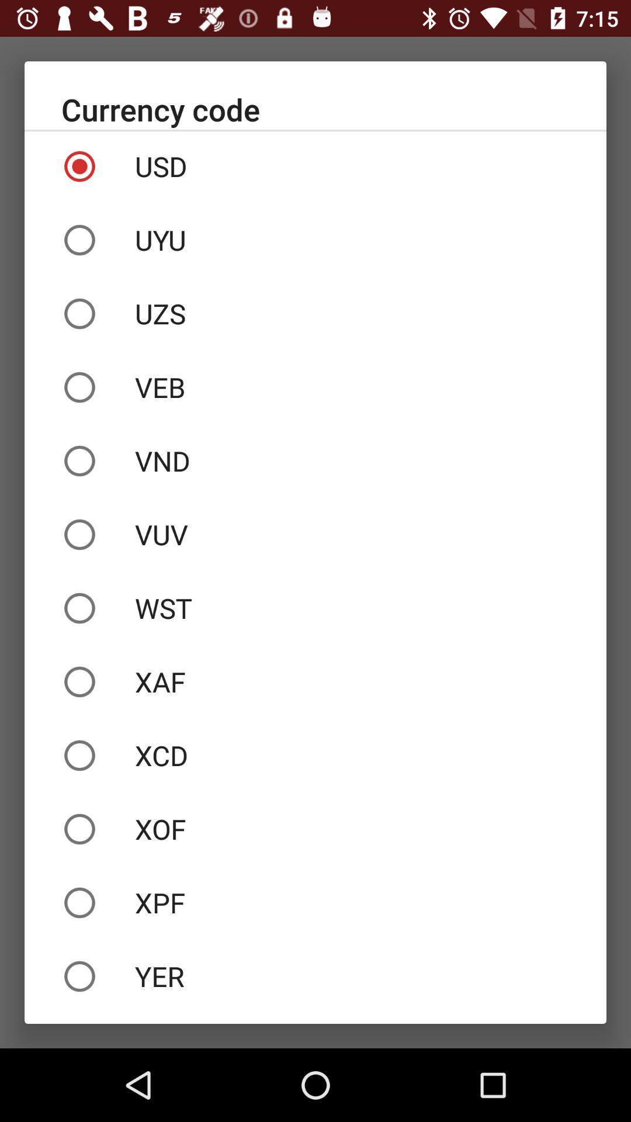 Image resolution: width=631 pixels, height=1122 pixels. What do you see at coordinates (315, 165) in the screenshot?
I see `icon above the uyu item` at bounding box center [315, 165].